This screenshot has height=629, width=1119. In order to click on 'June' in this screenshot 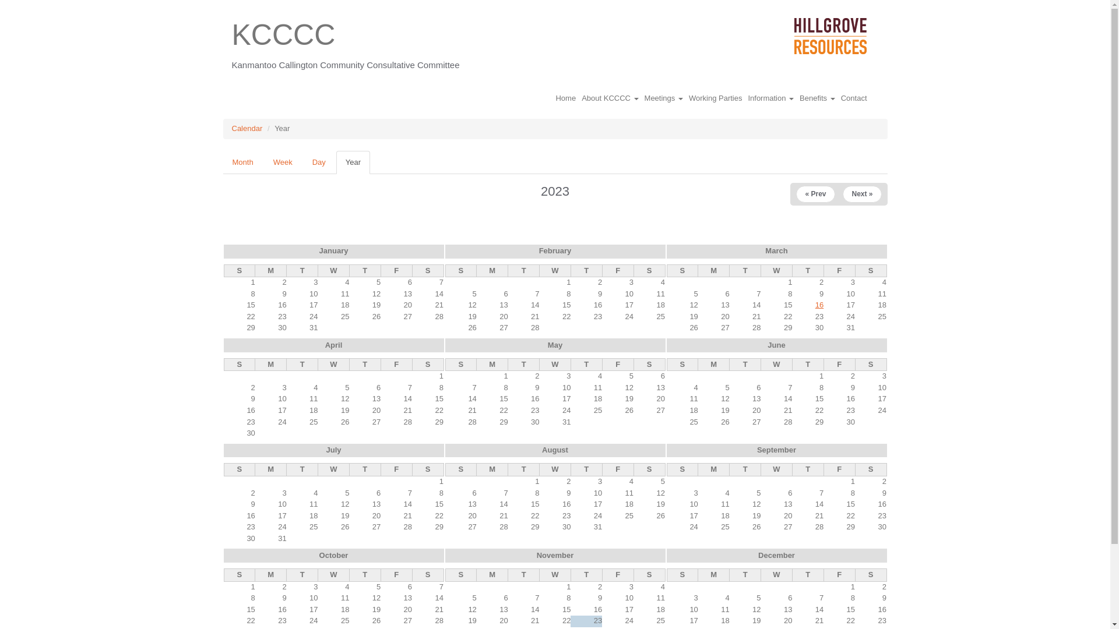, I will do `click(767, 344)`.